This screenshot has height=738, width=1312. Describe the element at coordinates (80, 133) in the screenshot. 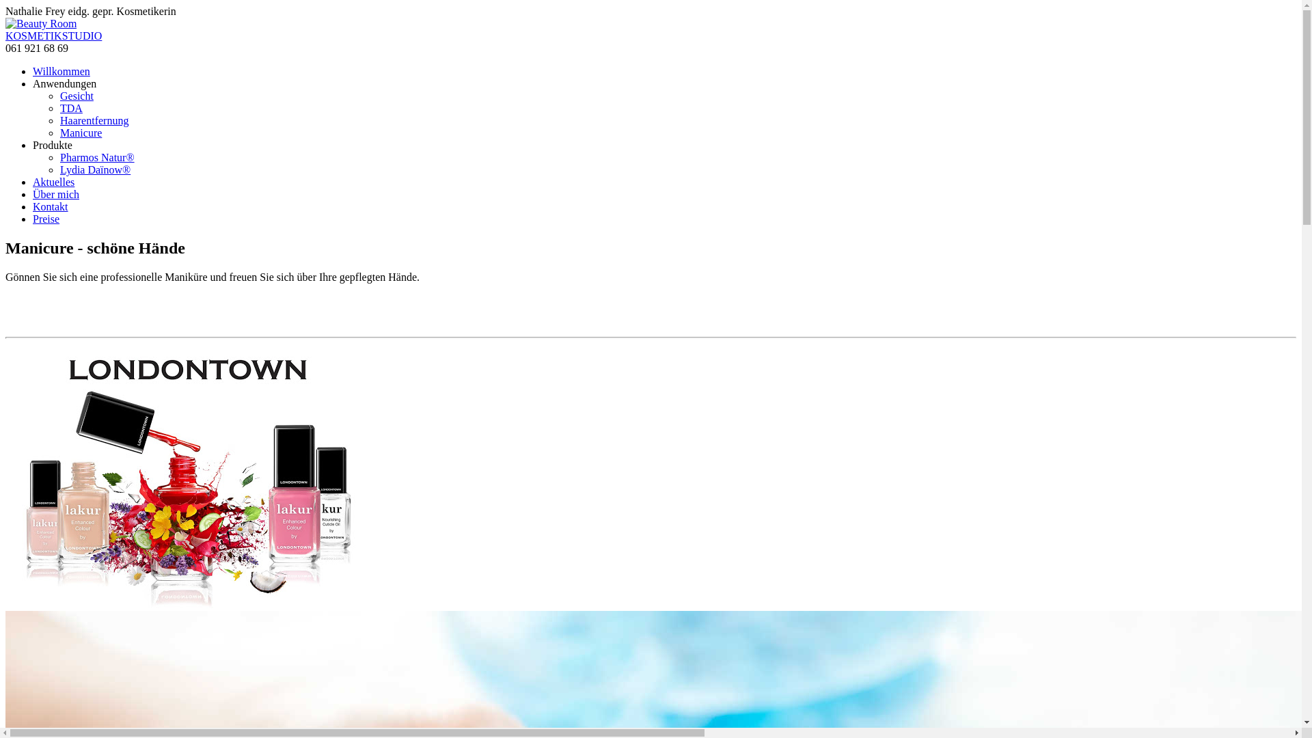

I see `'Manicure'` at that location.